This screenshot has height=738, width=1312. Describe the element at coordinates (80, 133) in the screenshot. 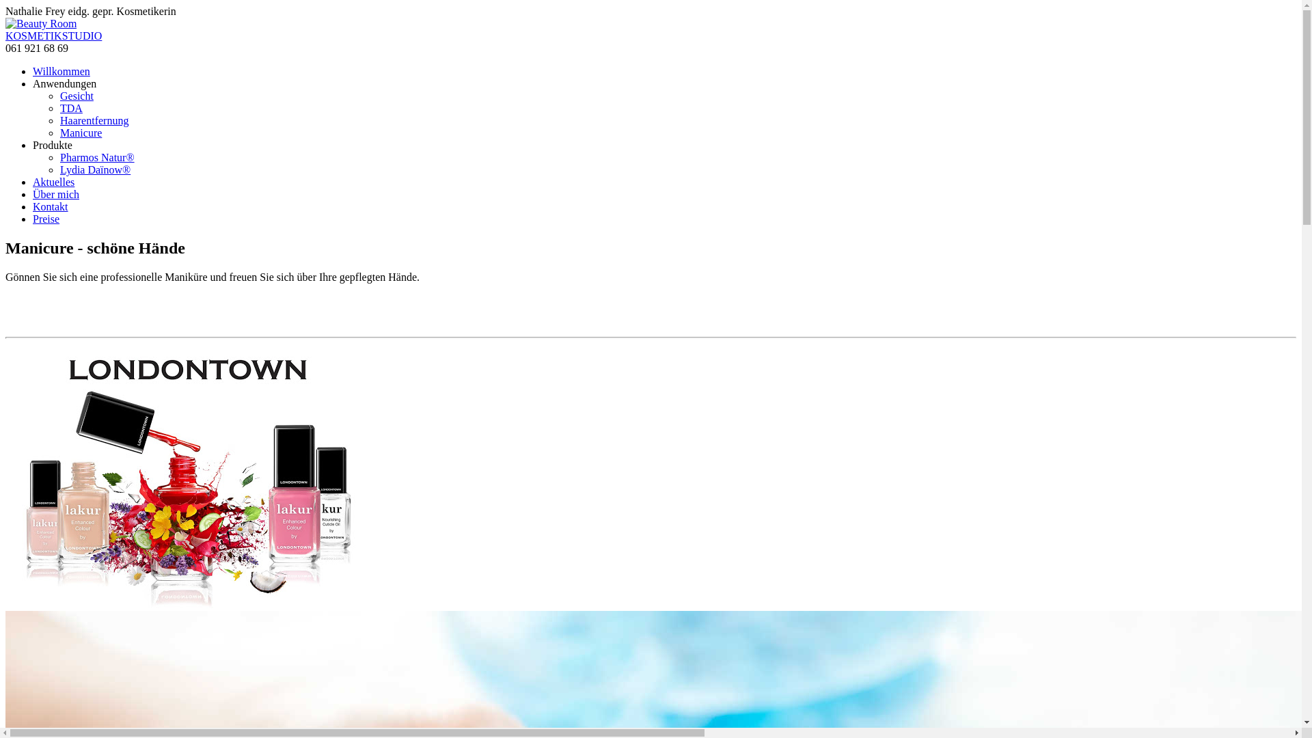

I see `'Manicure'` at that location.